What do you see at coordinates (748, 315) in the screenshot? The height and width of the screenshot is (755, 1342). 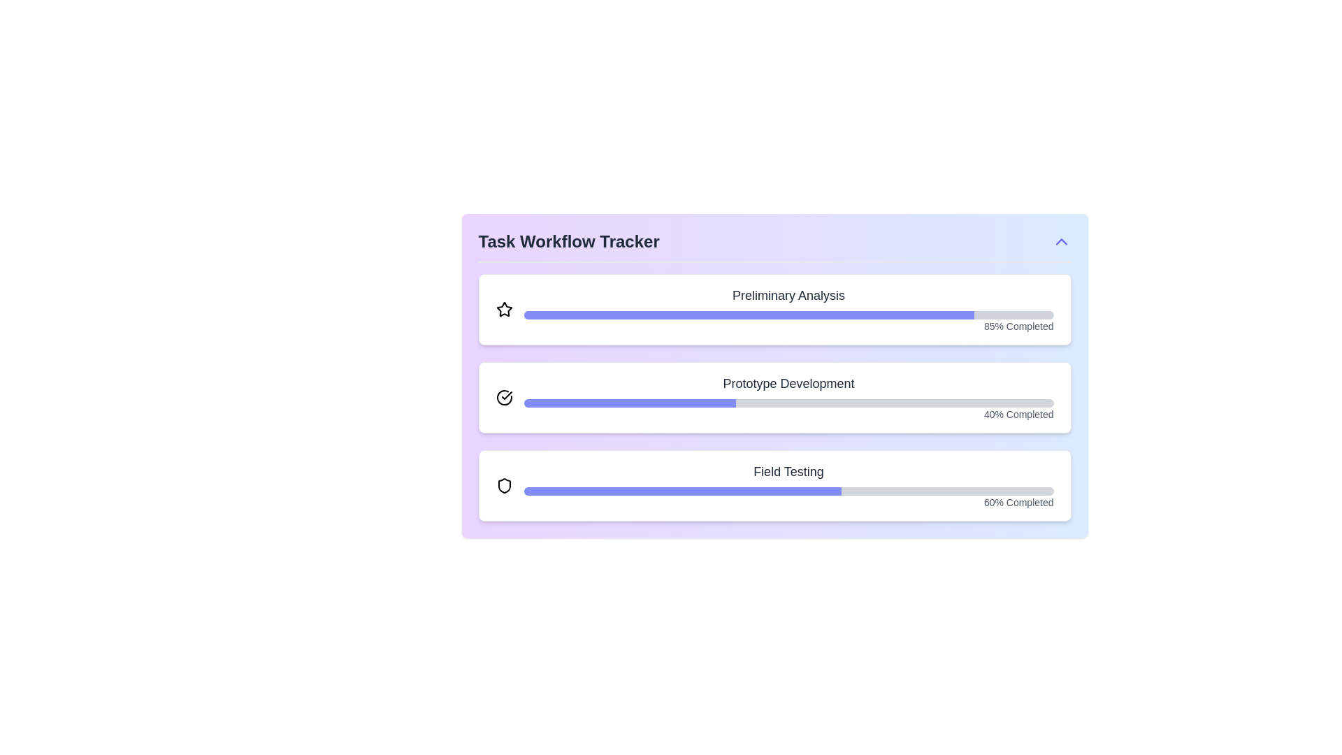 I see `blue segment of the progress bar indicating 85% completion, located below the 'Preliminary Analysis' text` at bounding box center [748, 315].